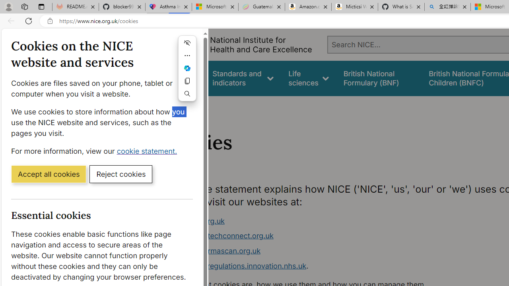  What do you see at coordinates (187, 73) in the screenshot?
I see `'Mini menu on text selection'` at bounding box center [187, 73].